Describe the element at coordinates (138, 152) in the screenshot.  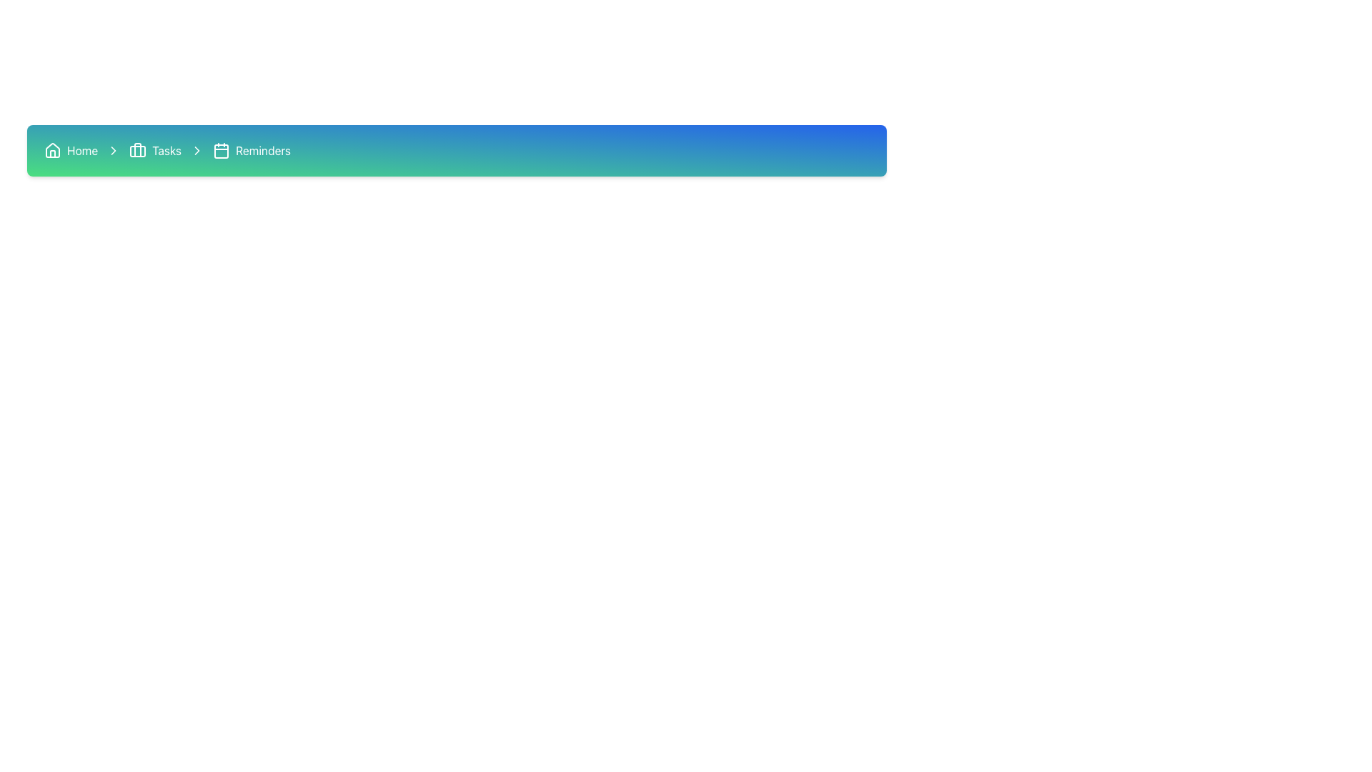
I see `the SVG rectangle element that resembles a briefcase icon, centrally located within the navigation bar near the 'Tasks' text label` at that location.